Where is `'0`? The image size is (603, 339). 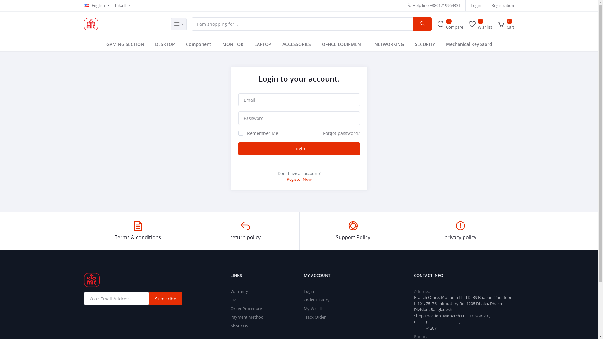 '0 is located at coordinates (505, 24).